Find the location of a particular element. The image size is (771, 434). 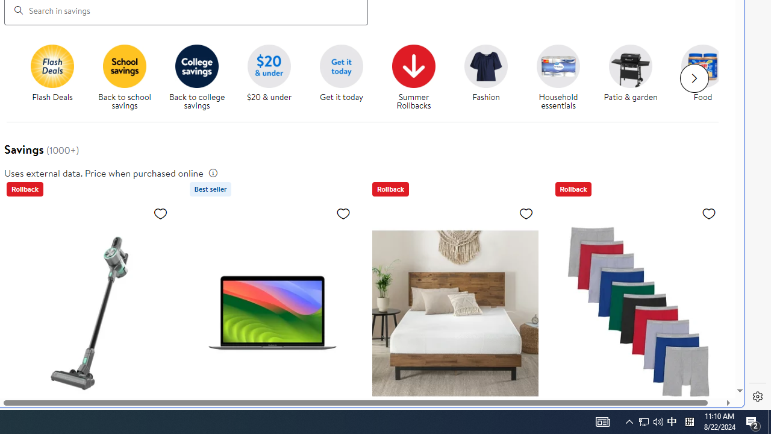

'Settings' is located at coordinates (757, 397).